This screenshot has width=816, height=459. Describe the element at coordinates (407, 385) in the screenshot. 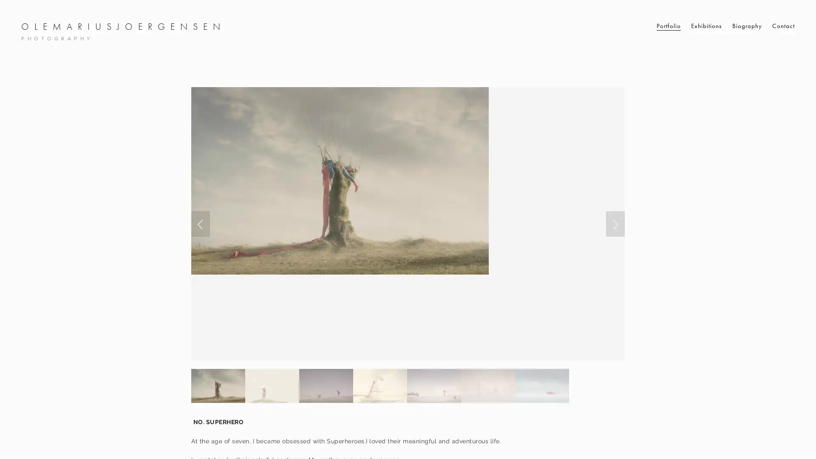

I see `Slide 4` at that location.